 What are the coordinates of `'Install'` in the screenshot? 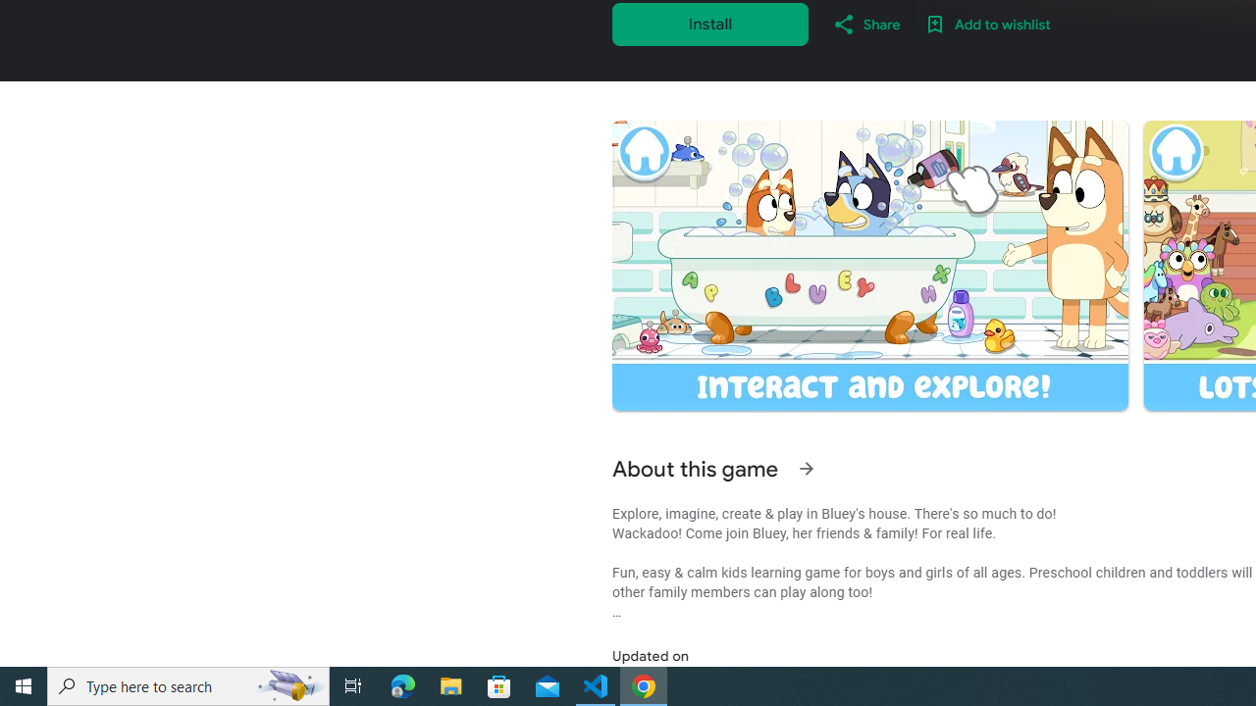 It's located at (708, 24).